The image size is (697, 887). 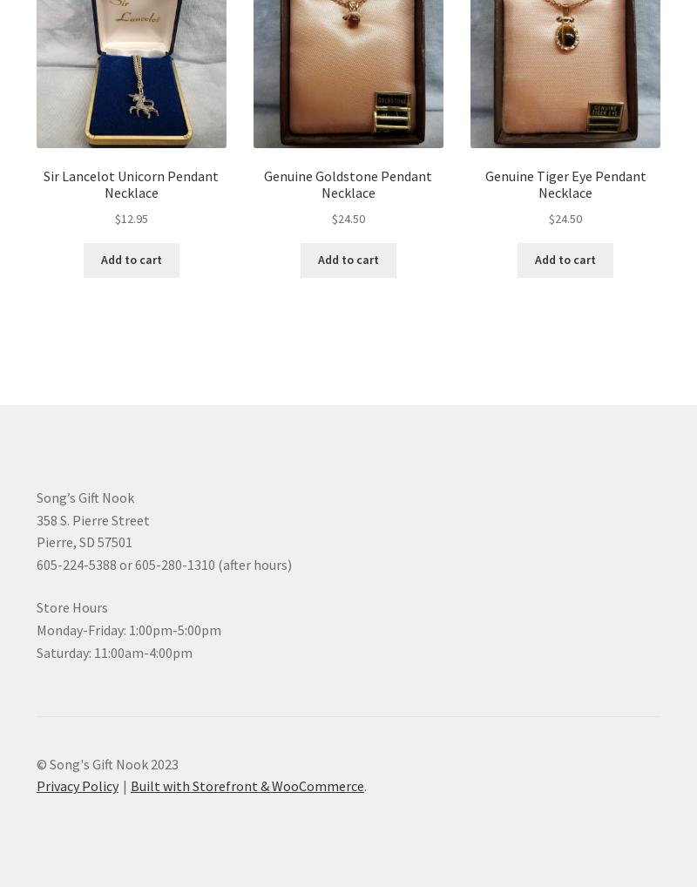 I want to click on '605-224-5388 or 605-280-1310 (after hours)', so click(x=34, y=563).